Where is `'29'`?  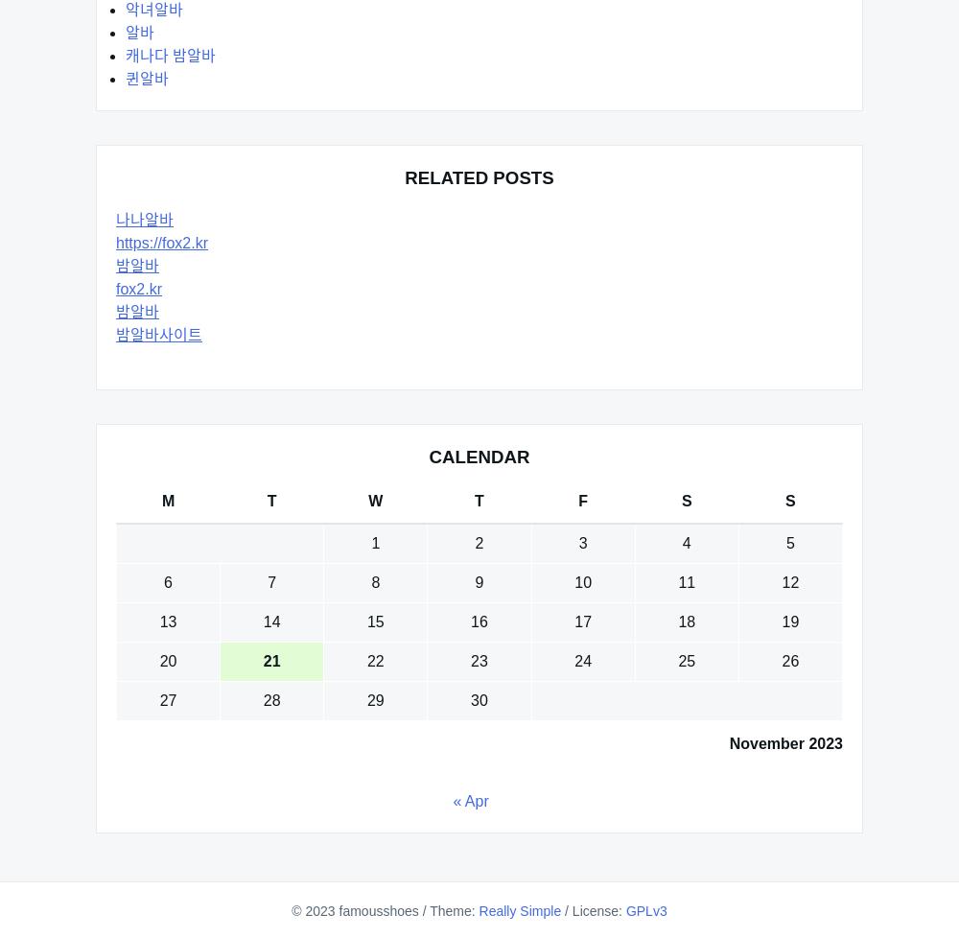
'29' is located at coordinates (375, 700).